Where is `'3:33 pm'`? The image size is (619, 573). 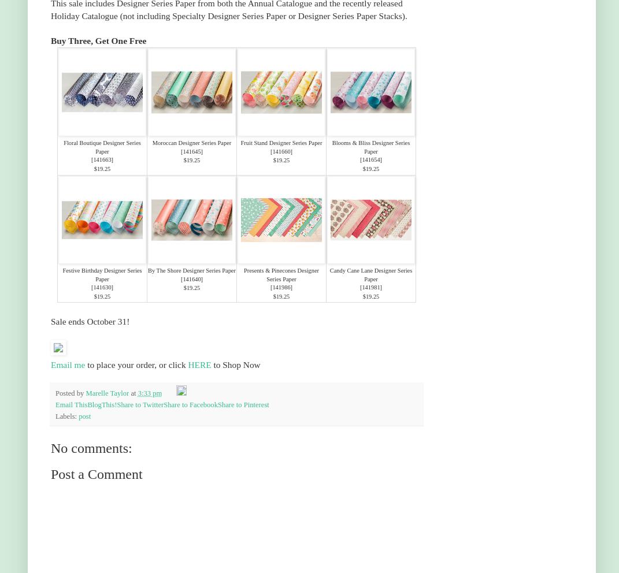
'3:33 pm' is located at coordinates (149, 393).